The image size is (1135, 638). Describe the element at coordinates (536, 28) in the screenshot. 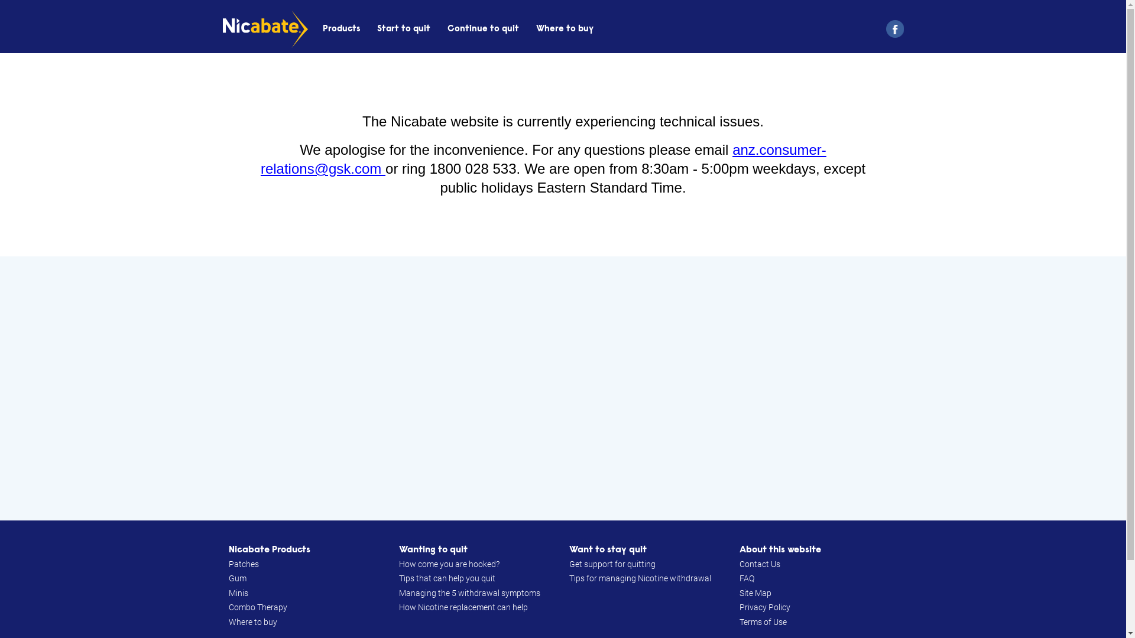

I see `'where to buy'` at that location.